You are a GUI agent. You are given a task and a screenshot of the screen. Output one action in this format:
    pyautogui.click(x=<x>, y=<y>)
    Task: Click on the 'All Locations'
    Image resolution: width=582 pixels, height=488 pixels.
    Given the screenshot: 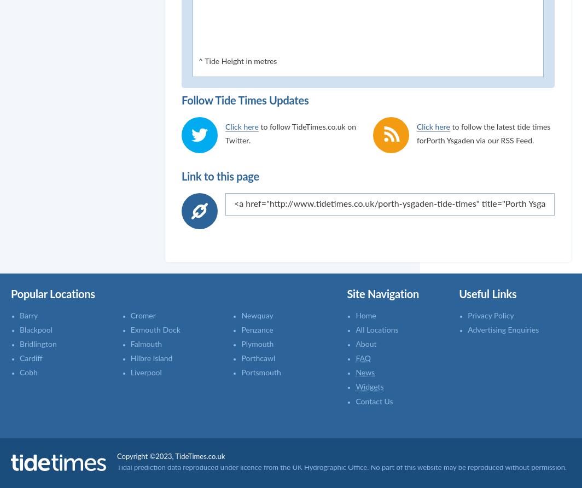 What is the action you would take?
    pyautogui.click(x=377, y=329)
    